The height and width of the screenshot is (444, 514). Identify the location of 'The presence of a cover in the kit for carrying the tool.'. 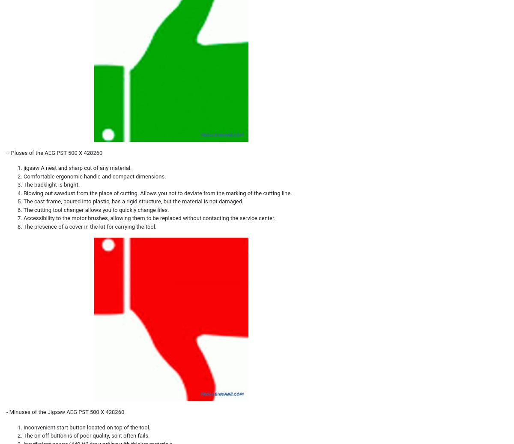
(90, 226).